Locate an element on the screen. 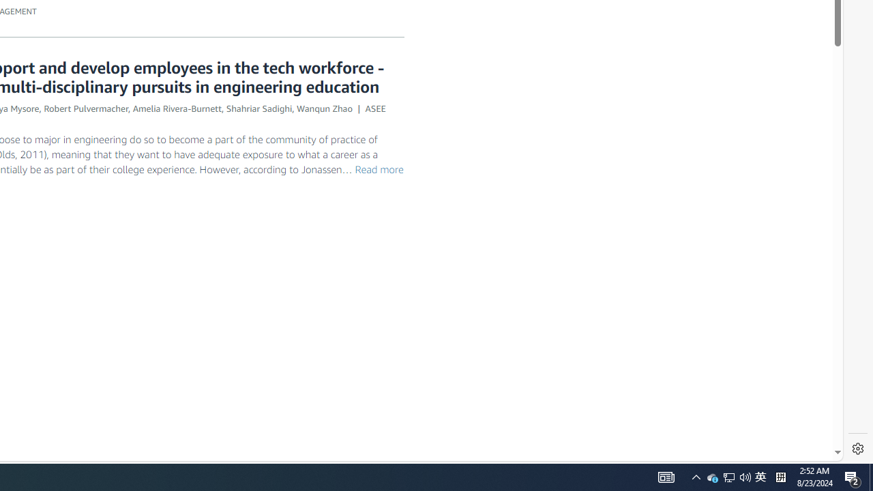  'Shahriar Sadighi' is located at coordinates (259, 107).